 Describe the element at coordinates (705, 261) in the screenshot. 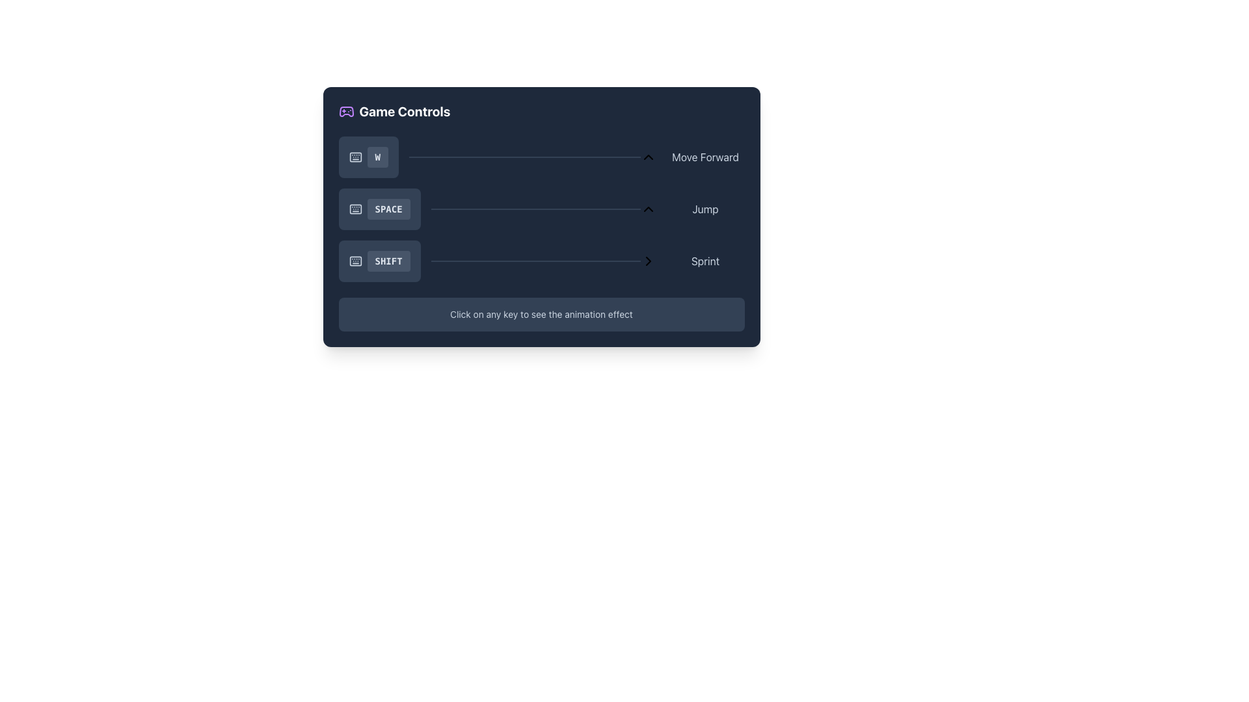

I see `the label describing the action associated with the 'SHIFT' key, which is positioned on the far right side of the control section, aligned horizontally with other control descriptions` at that location.